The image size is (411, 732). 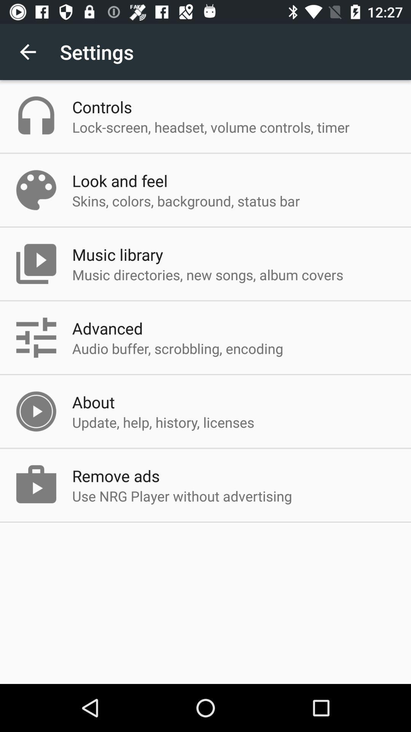 What do you see at coordinates (27, 51) in the screenshot?
I see `app to the left of settings` at bounding box center [27, 51].